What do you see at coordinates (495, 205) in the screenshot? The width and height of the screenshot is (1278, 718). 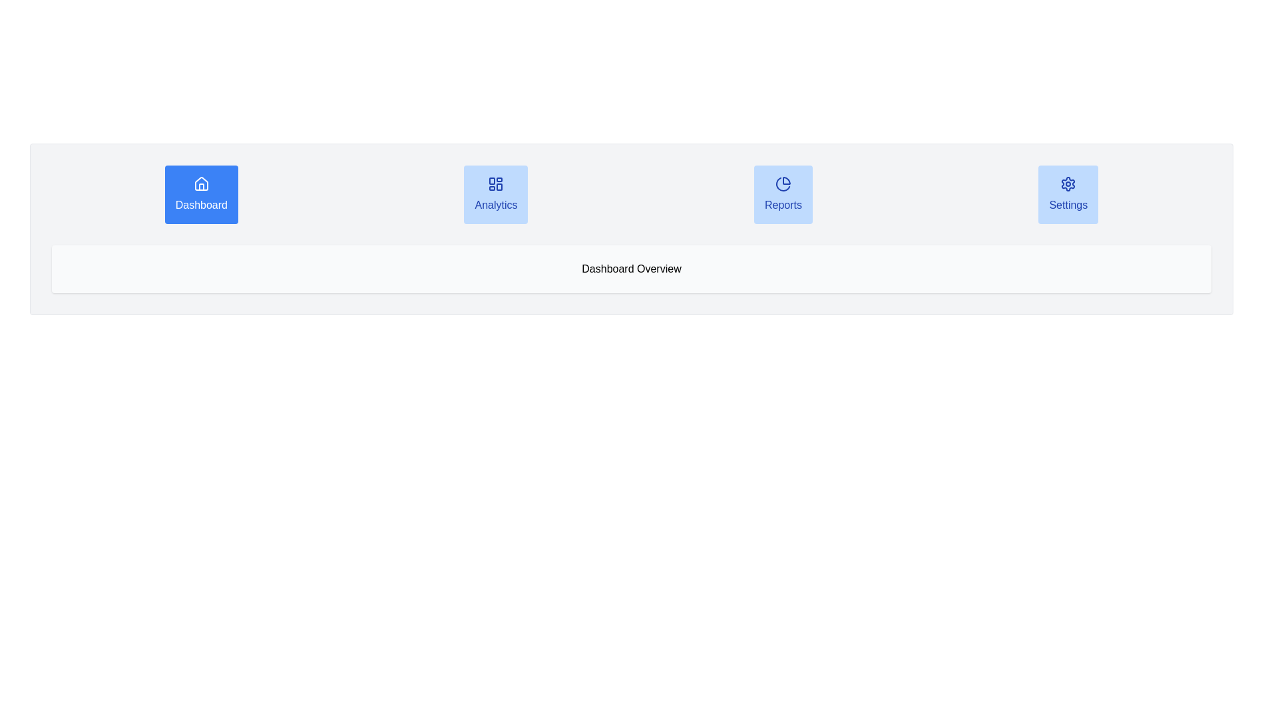 I see `the static text label that reads 'Analytics', which is bold and blue, located below the center icon in the 'Analytics' card` at bounding box center [495, 205].